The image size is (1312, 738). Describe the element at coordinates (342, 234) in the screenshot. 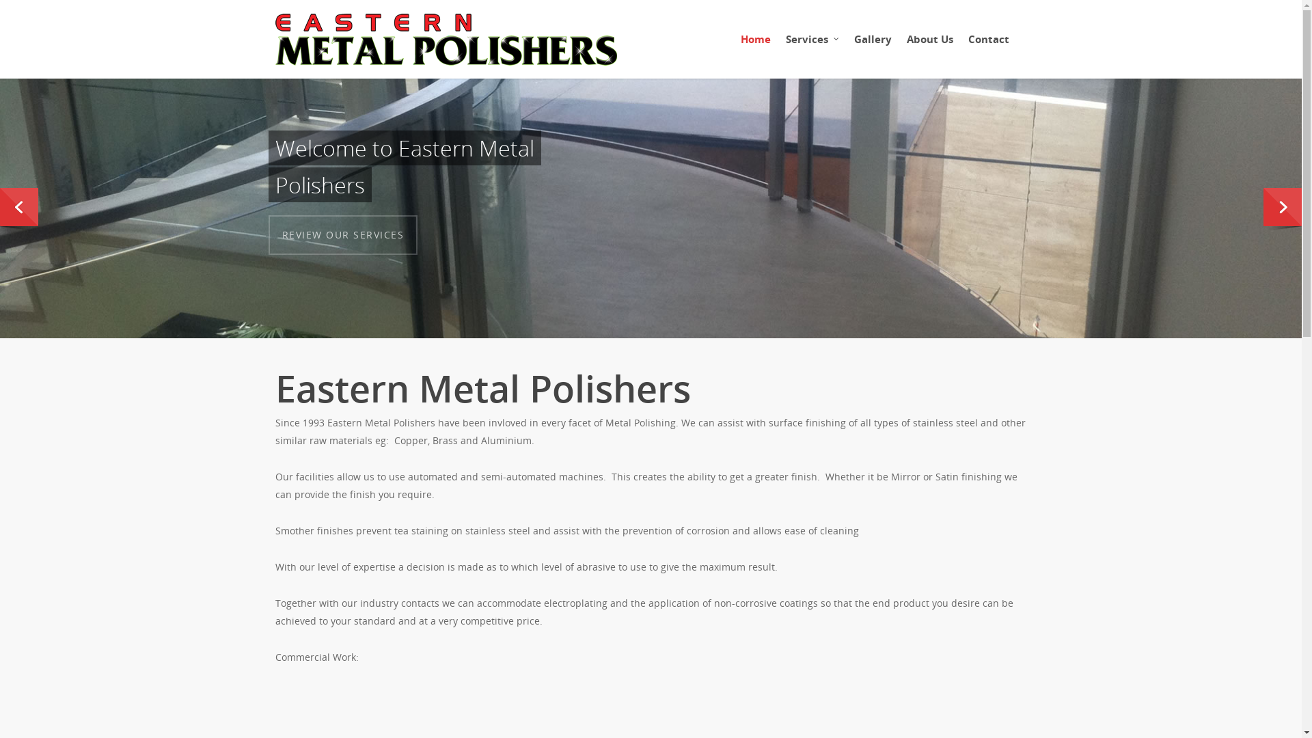

I see `'REVIEW OUR SERVICES'` at that location.